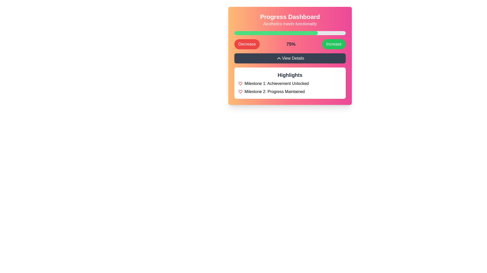  What do you see at coordinates (247, 44) in the screenshot?
I see `the pill-shaped button labeled 'Decrease' with white text on a red background` at bounding box center [247, 44].